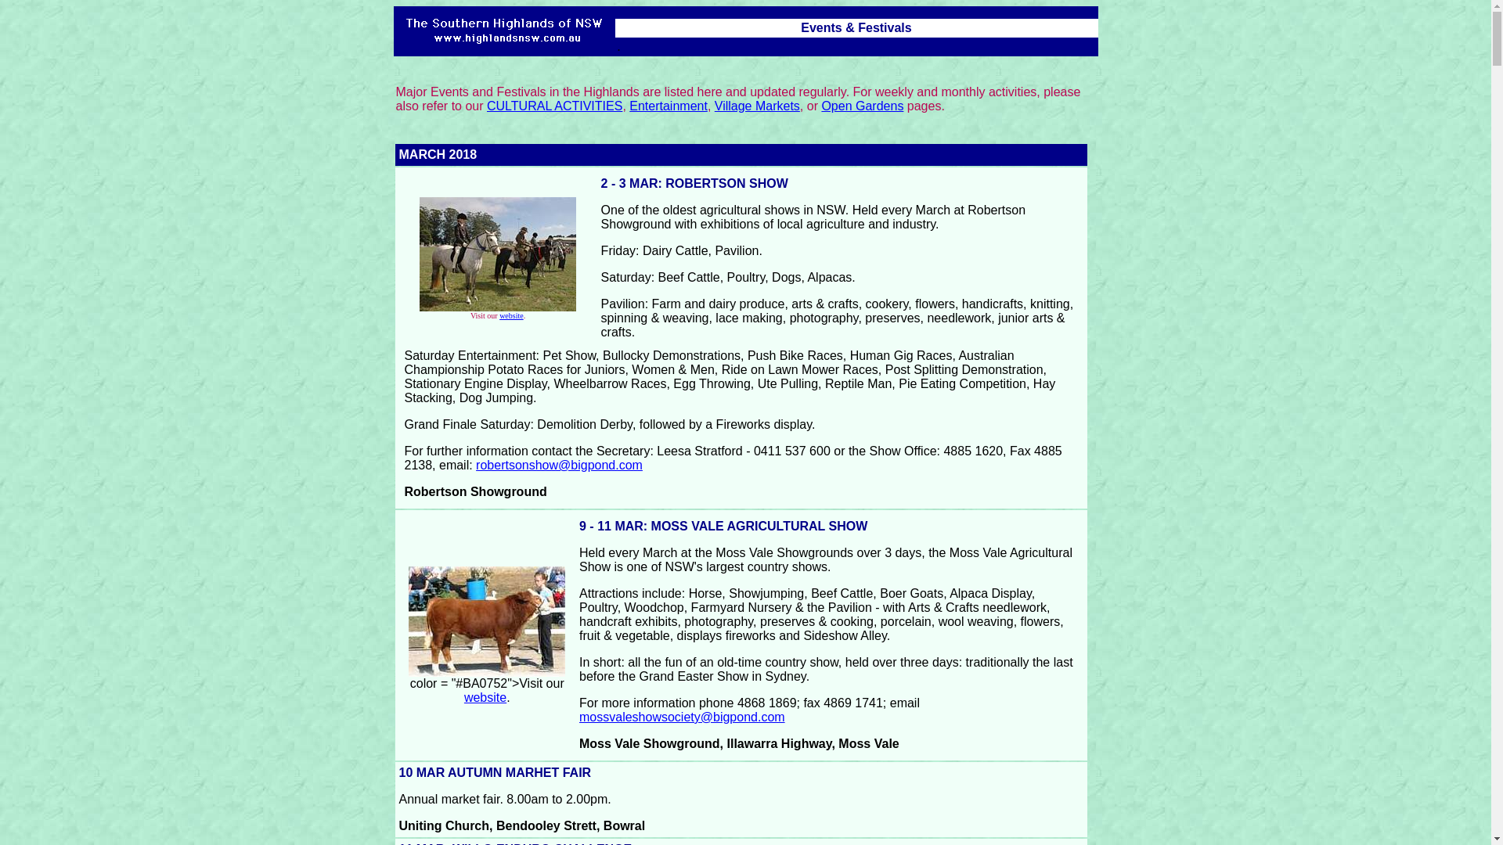 This screenshot has width=1503, height=845. What do you see at coordinates (559, 464) in the screenshot?
I see `'robertsonshow@bigpond.com'` at bounding box center [559, 464].